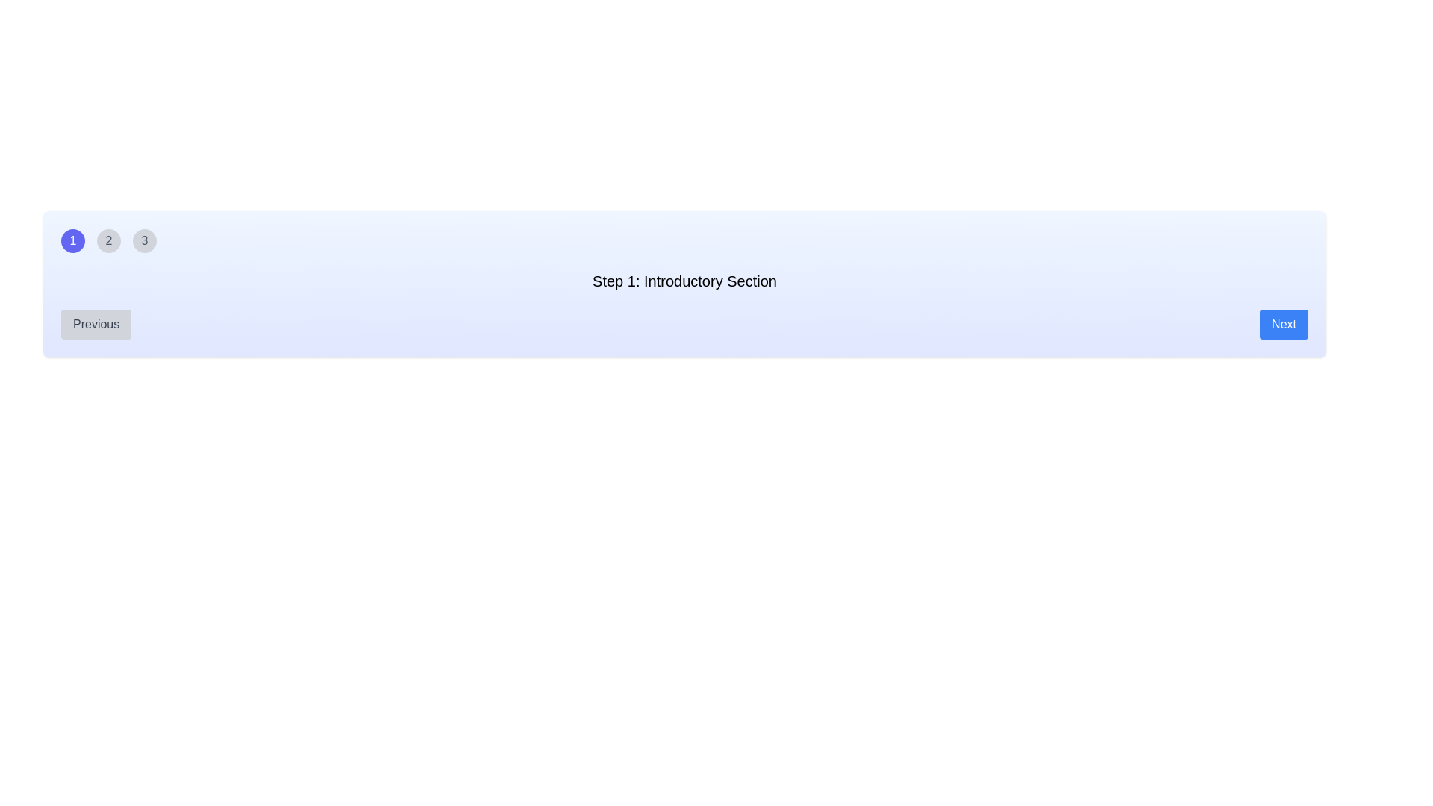 Image resolution: width=1433 pixels, height=806 pixels. I want to click on the circular button labeled '2' with a gray background and a black numeral, positioned between buttons '1' and '3' for keyboard navigation, so click(107, 240).